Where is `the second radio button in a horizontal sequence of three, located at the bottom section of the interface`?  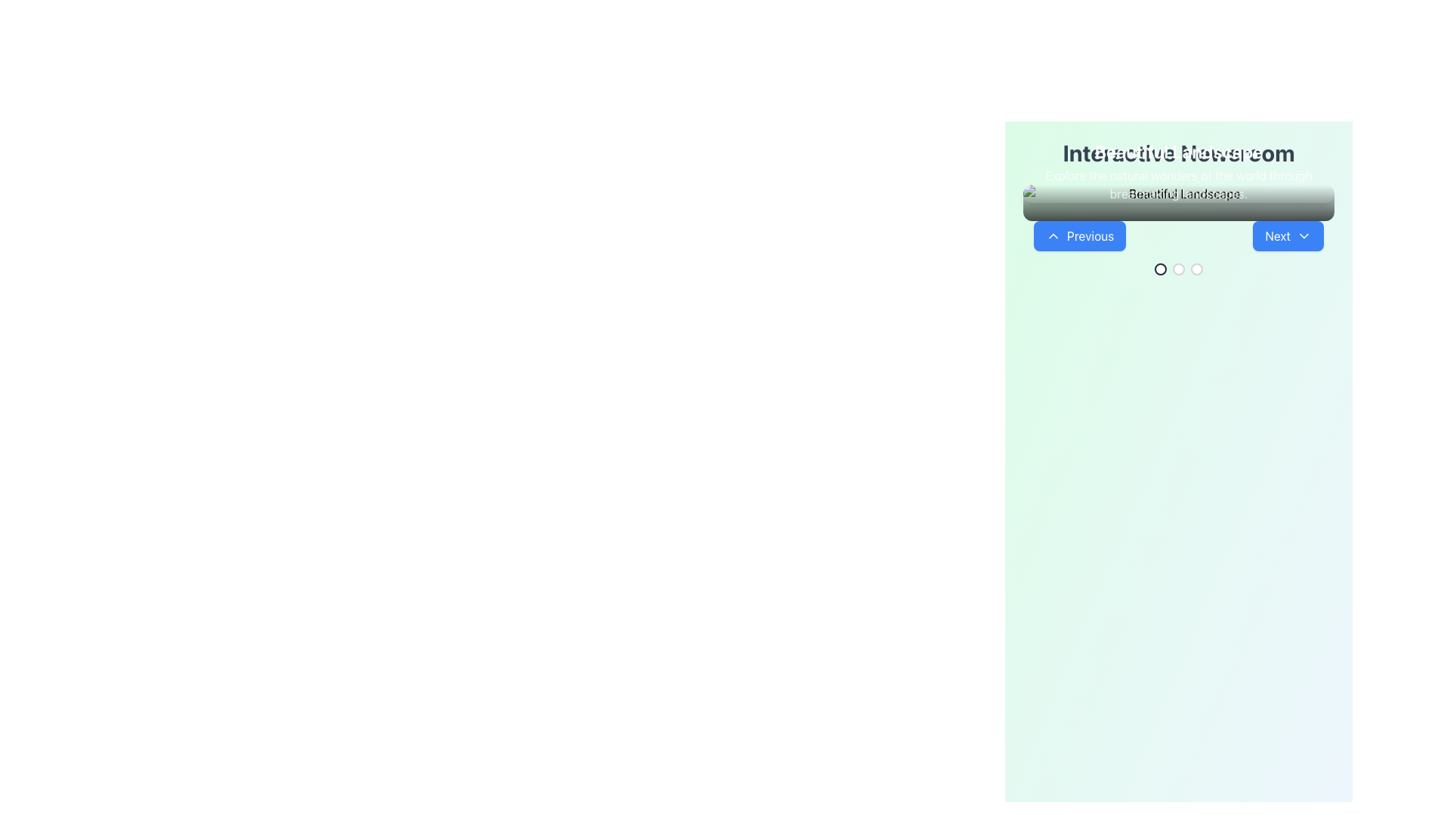 the second radio button in a horizontal sequence of three, located at the bottom section of the interface is located at coordinates (1177, 269).